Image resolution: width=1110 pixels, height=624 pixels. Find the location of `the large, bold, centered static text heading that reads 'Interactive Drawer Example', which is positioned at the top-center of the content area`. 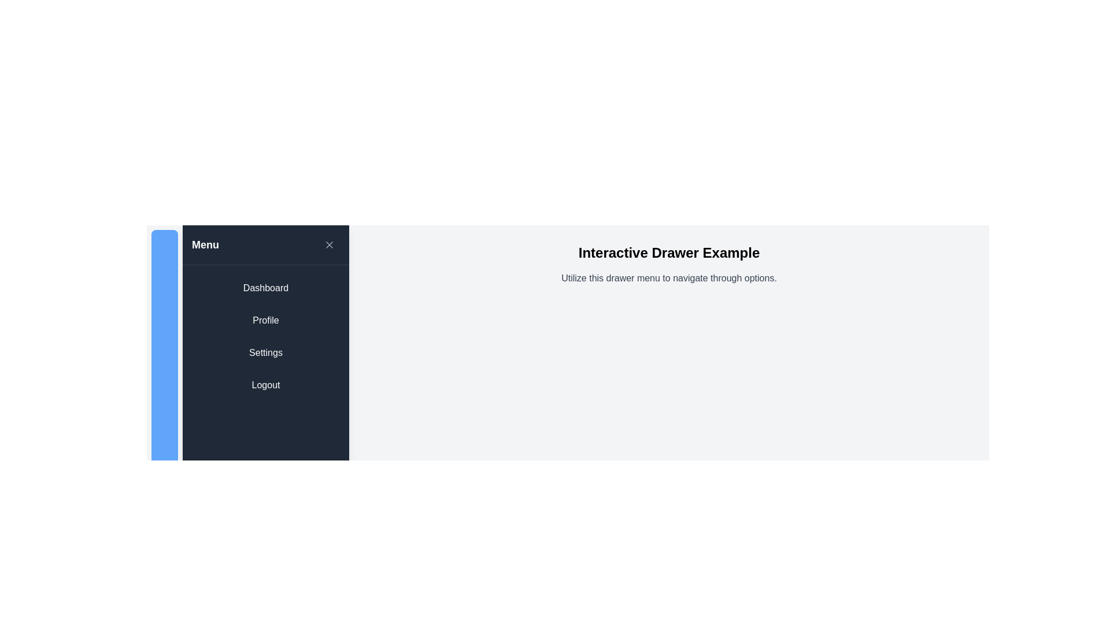

the large, bold, centered static text heading that reads 'Interactive Drawer Example', which is positioned at the top-center of the content area is located at coordinates (669, 252).